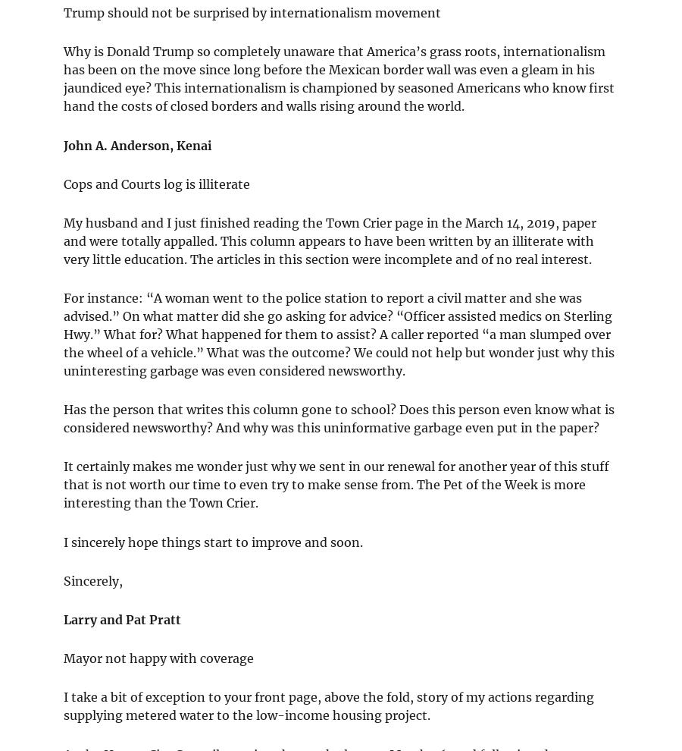 Image resolution: width=682 pixels, height=751 pixels. What do you see at coordinates (62, 239) in the screenshot?
I see `'My husband and I just finished reading the Town Crier page in the March 14, 2019, paper and were totally appalled. This column appears to have been written by an illiterate with very little education. The articles in this section were incomplete and of no real interest.'` at bounding box center [62, 239].